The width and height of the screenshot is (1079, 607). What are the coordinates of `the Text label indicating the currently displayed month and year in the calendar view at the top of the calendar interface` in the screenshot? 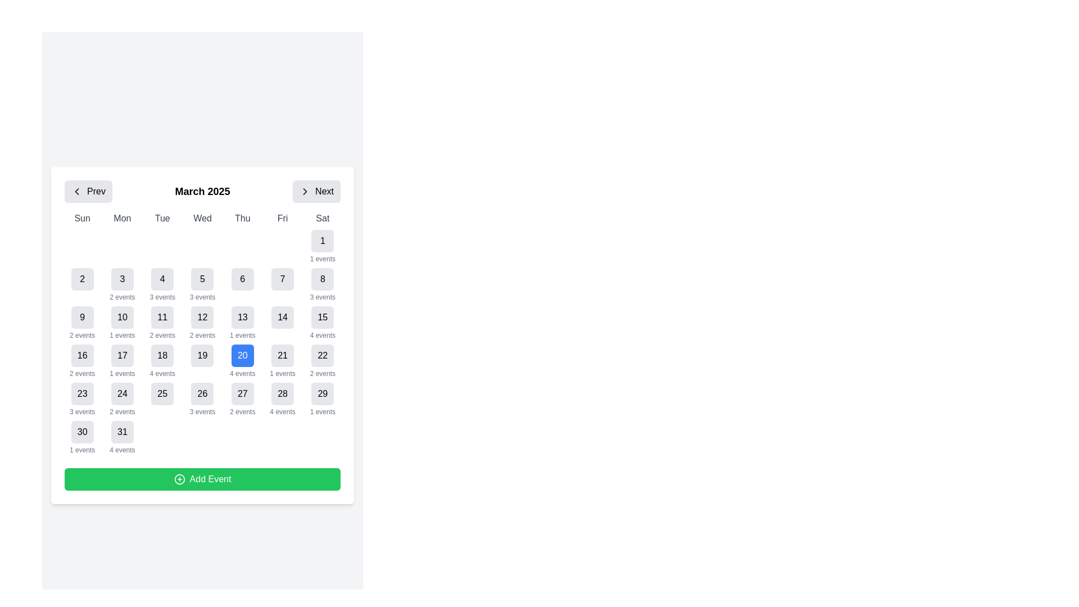 It's located at (202, 191).